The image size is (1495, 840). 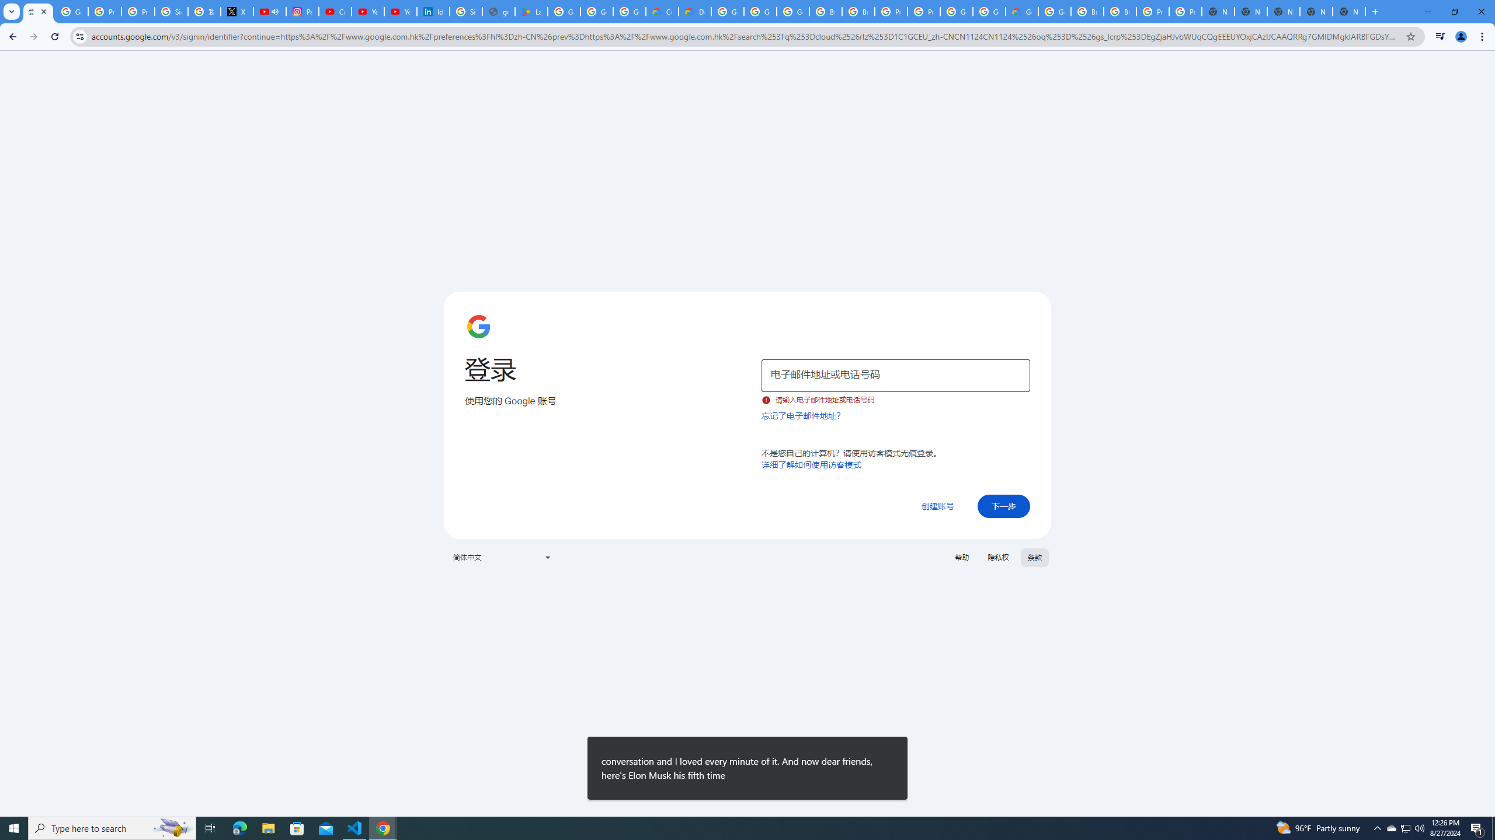 What do you see at coordinates (597, 11) in the screenshot?
I see `'Google Workspace - Specific Terms'` at bounding box center [597, 11].